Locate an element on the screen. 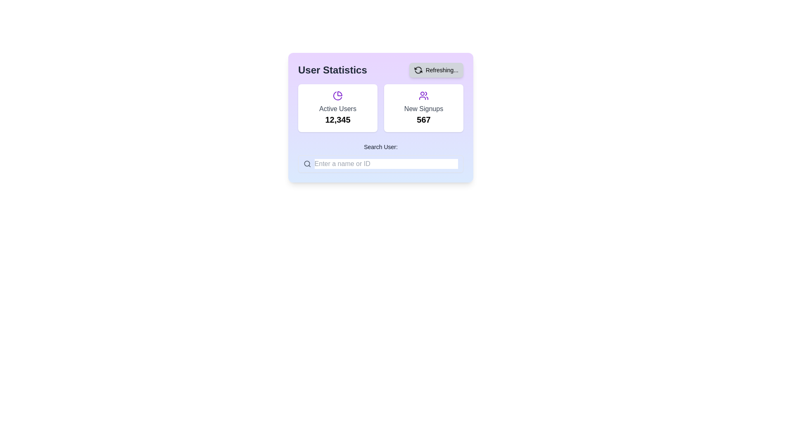  the 'New Signups' label, which is a small gray text label positioned centrally above the bold number '567' and below the user icon is located at coordinates (424, 108).